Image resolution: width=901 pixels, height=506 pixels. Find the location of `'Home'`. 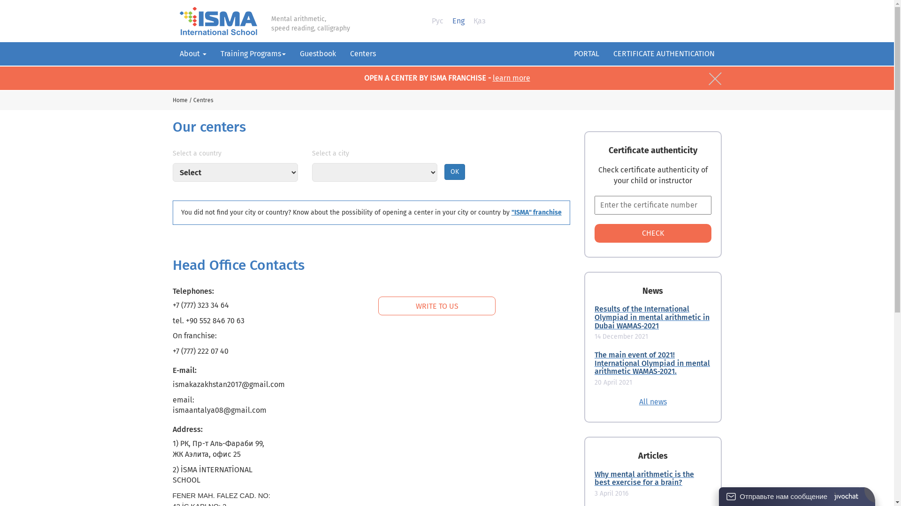

'Home' is located at coordinates (180, 100).